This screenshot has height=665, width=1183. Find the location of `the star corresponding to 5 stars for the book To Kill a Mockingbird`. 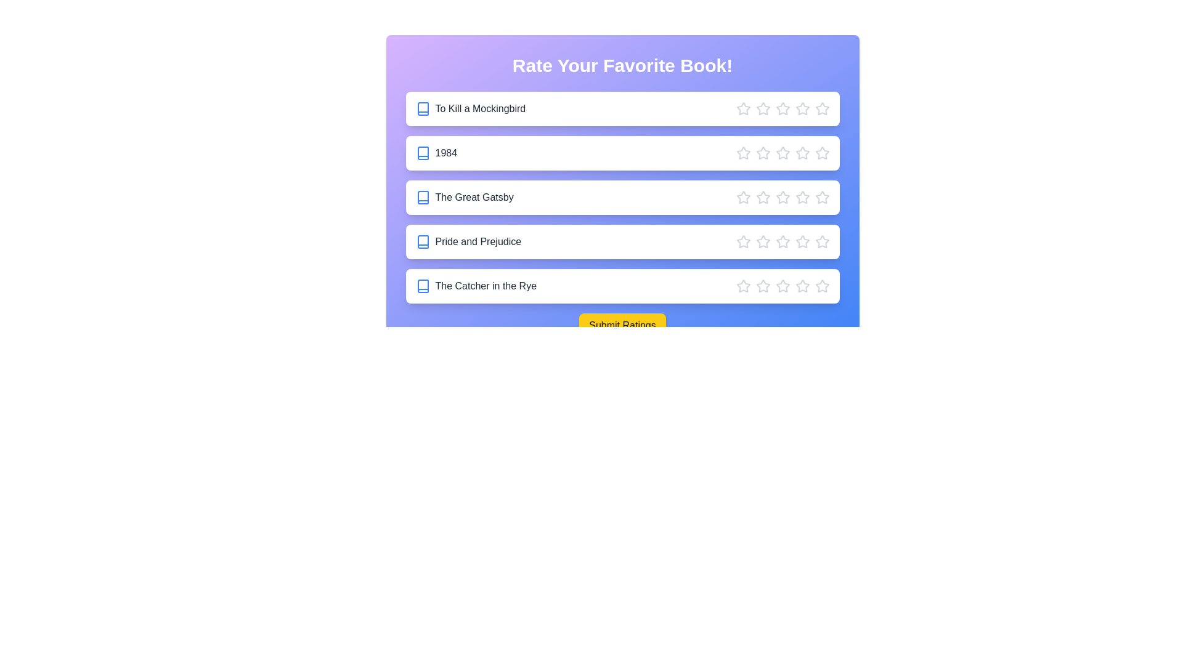

the star corresponding to 5 stars for the book To Kill a Mockingbird is located at coordinates (822, 108).